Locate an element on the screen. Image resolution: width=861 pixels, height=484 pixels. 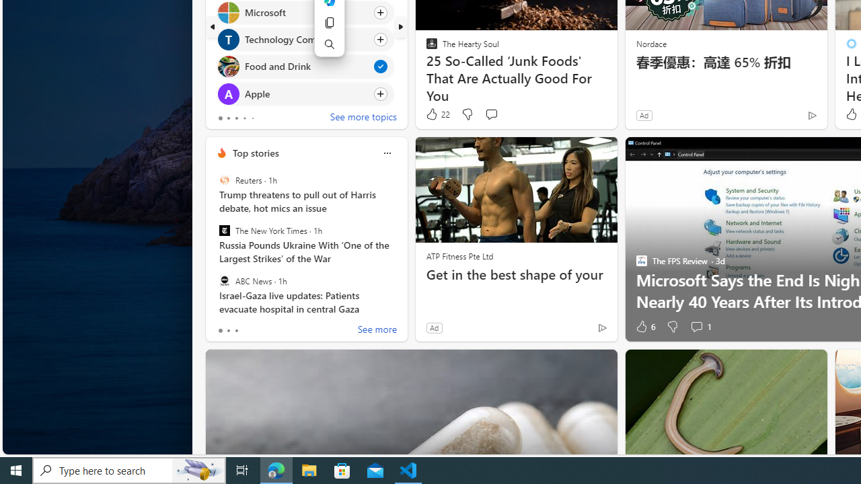
'See more topics' is located at coordinates (363, 118).